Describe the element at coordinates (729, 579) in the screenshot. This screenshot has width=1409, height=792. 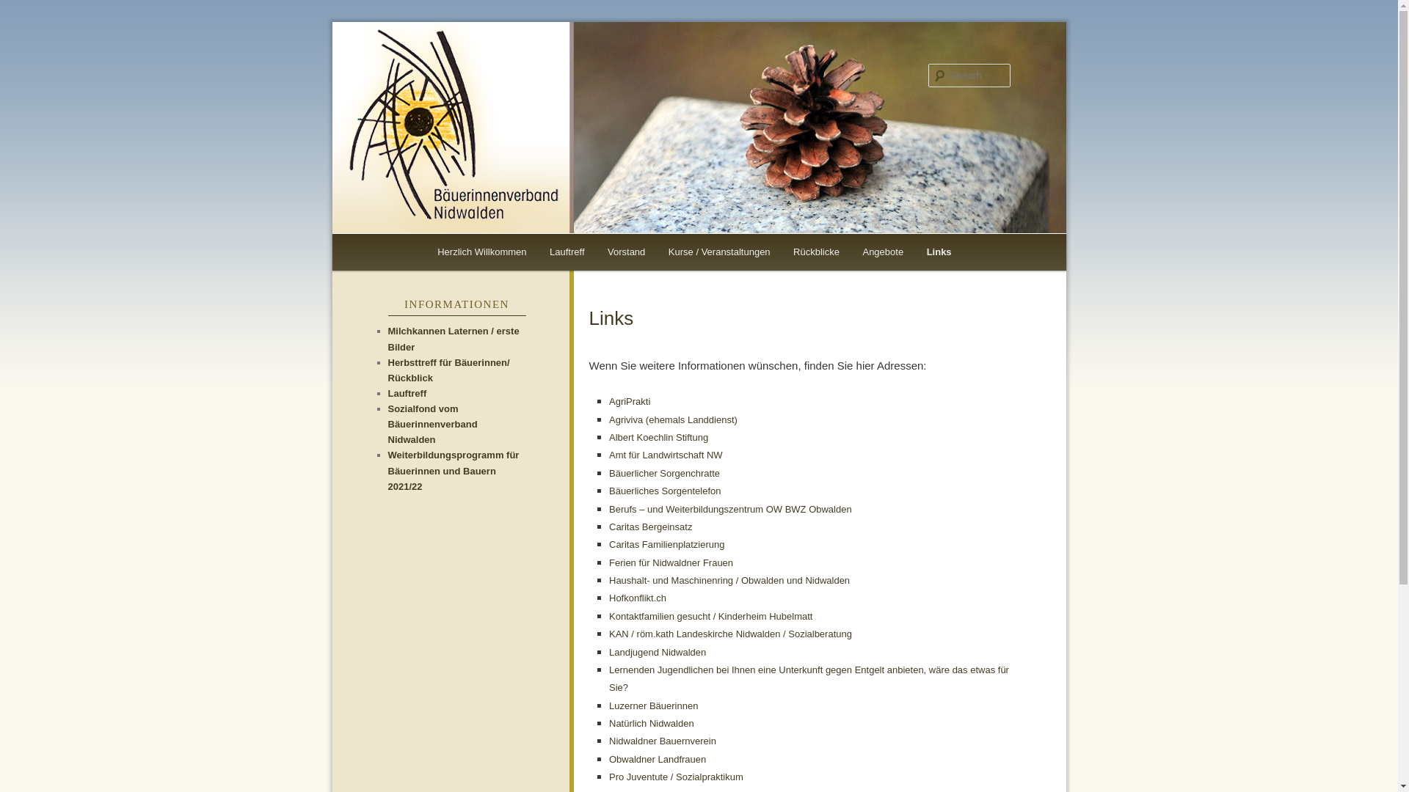
I see `'Haushalt- und Maschinenring / Obwalden und Nidwalden'` at that location.